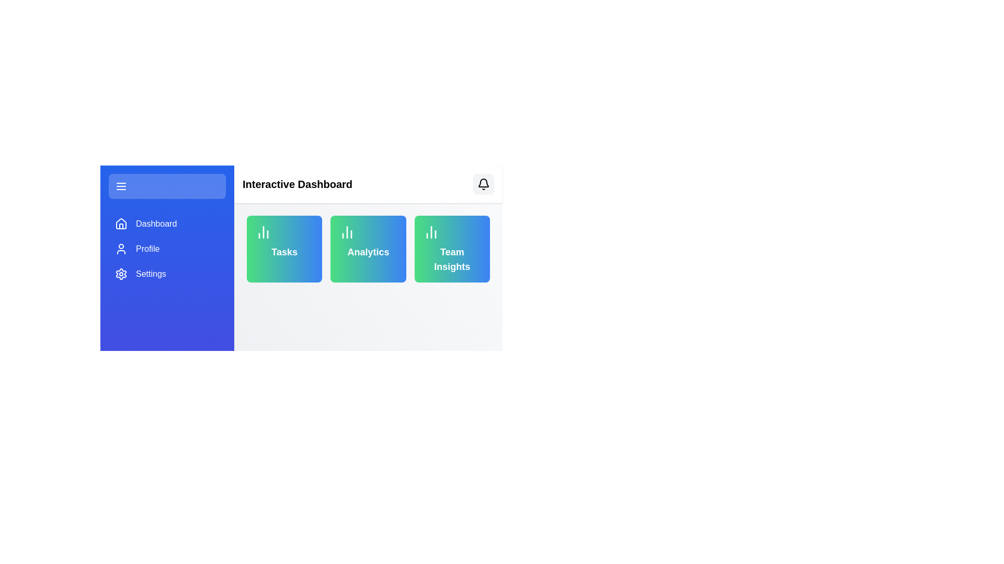 The height and width of the screenshot is (564, 1004). I want to click on the rectangular interactive menu bar located at the top of the sidebar, which has a bluish tint and contains three parallel horizontal lines, to change its background color, so click(167, 186).